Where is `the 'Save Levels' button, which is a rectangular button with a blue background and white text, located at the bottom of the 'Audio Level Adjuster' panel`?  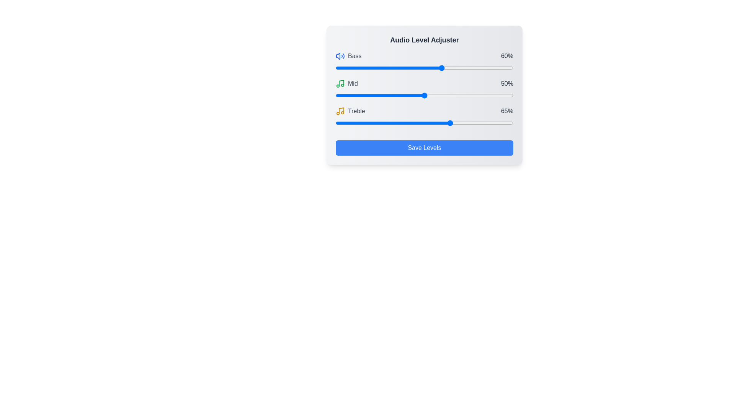
the 'Save Levels' button, which is a rectangular button with a blue background and white text, located at the bottom of the 'Audio Level Adjuster' panel is located at coordinates (424, 148).